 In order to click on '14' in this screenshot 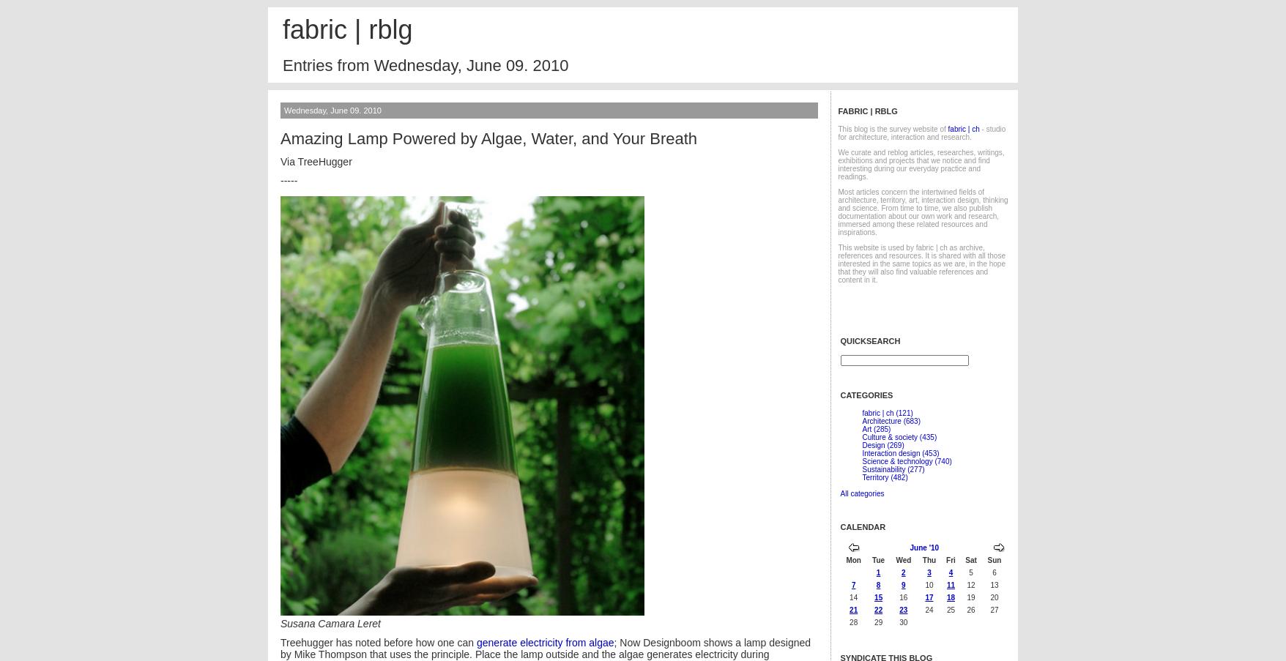, I will do `click(853, 597)`.